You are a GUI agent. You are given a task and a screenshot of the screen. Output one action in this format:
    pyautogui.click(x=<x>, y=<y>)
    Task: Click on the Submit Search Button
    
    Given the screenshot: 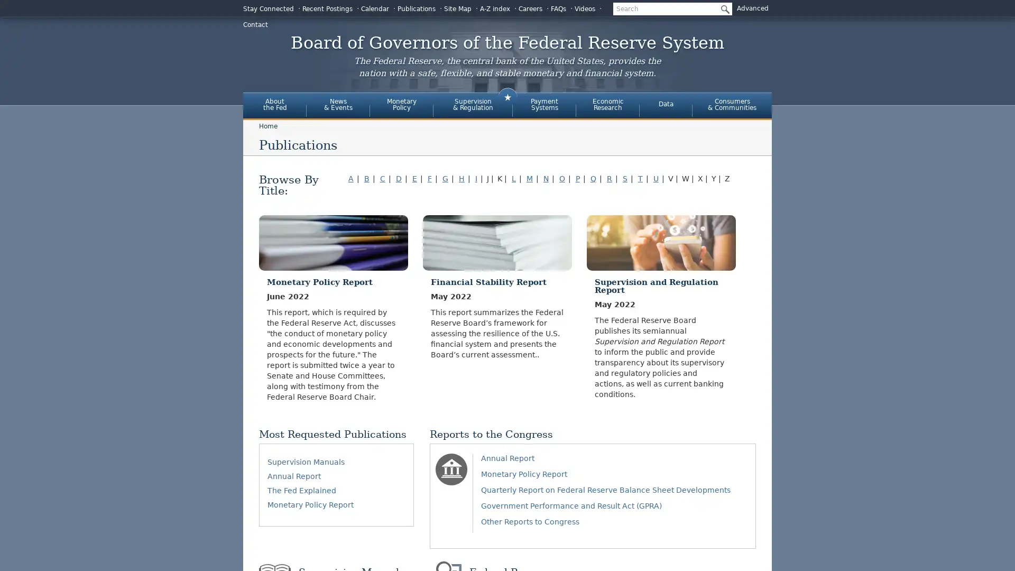 What is the action you would take?
    pyautogui.click(x=723, y=8)
    